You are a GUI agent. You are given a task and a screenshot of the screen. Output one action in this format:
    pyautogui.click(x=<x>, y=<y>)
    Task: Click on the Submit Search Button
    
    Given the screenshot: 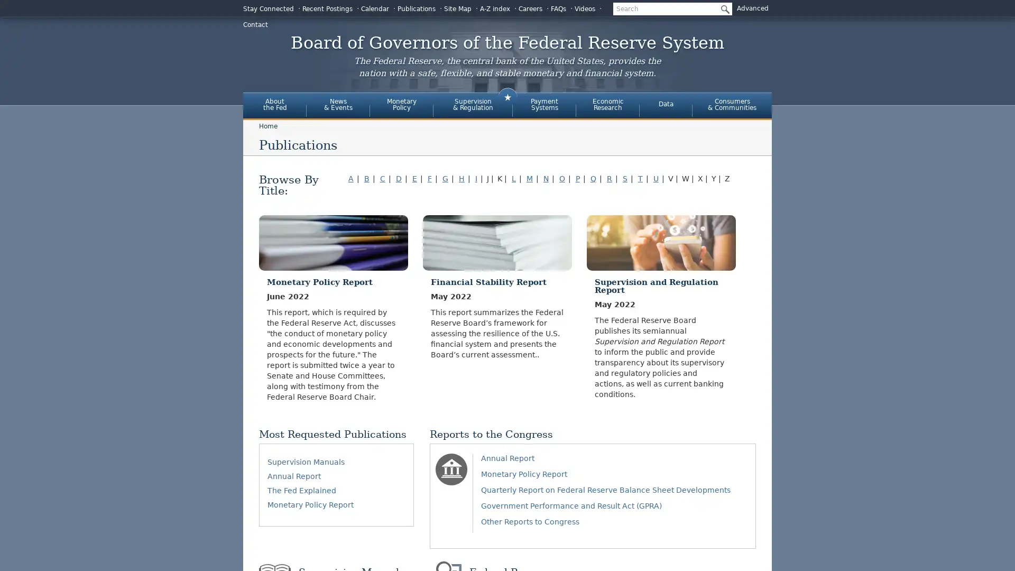 What is the action you would take?
    pyautogui.click(x=723, y=8)
    